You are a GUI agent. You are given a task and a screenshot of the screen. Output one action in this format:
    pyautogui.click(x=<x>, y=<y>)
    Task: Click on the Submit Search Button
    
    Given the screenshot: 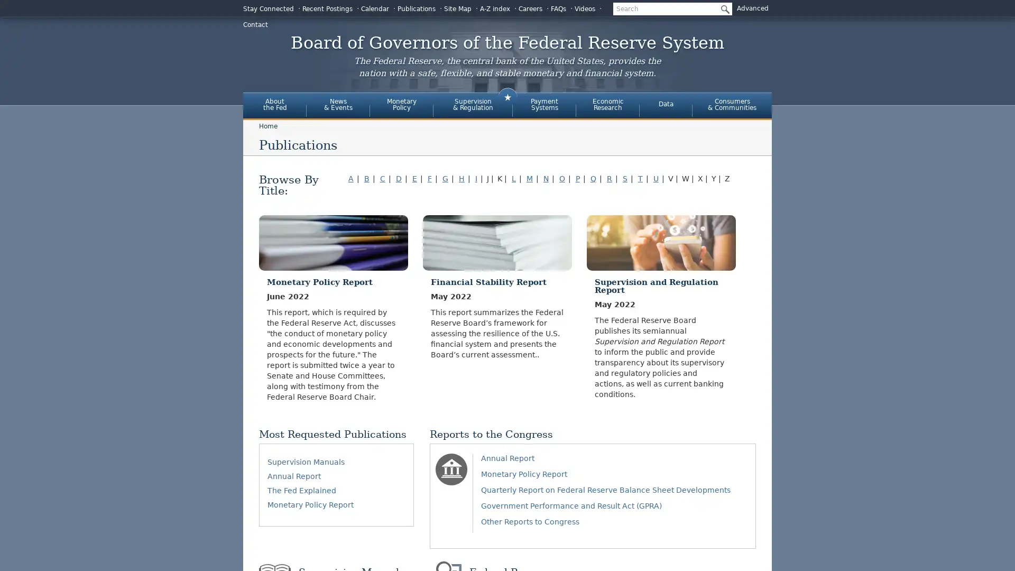 What is the action you would take?
    pyautogui.click(x=723, y=8)
    